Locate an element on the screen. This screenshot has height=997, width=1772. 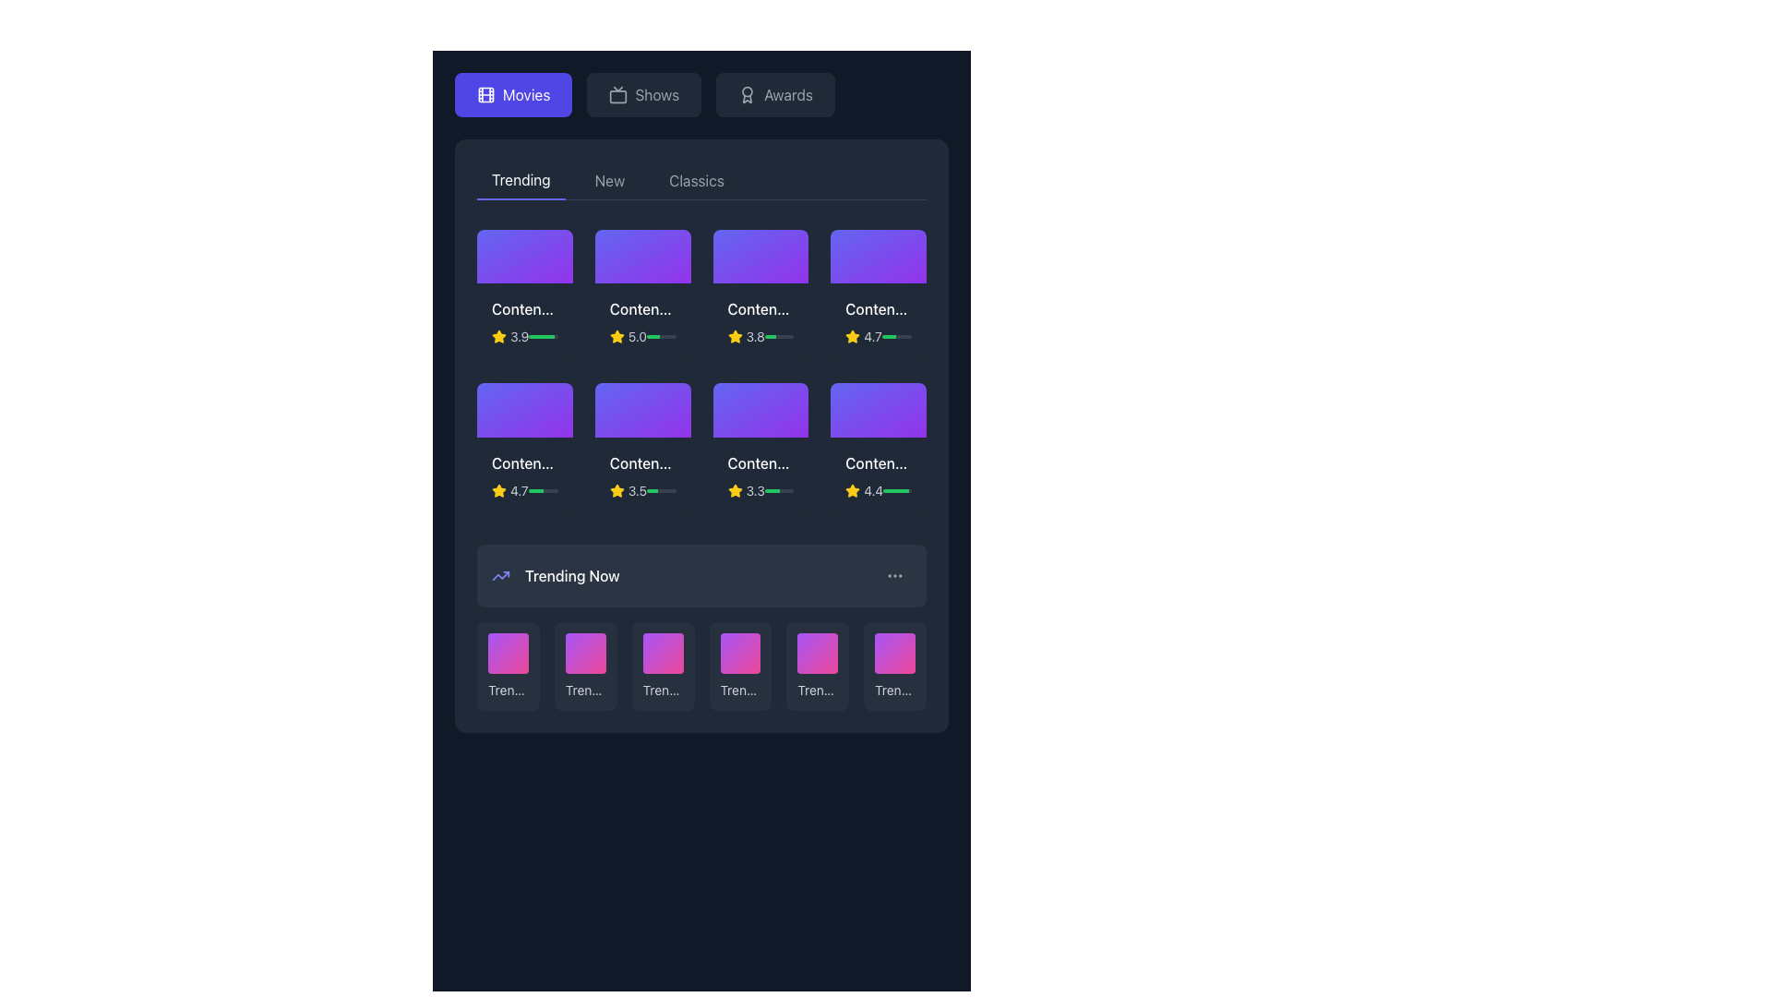
displayed content of the text label showing 'Content Title 8' located in the bottom-right corner of the grid under the 'Trending' section is located at coordinates (878, 462).